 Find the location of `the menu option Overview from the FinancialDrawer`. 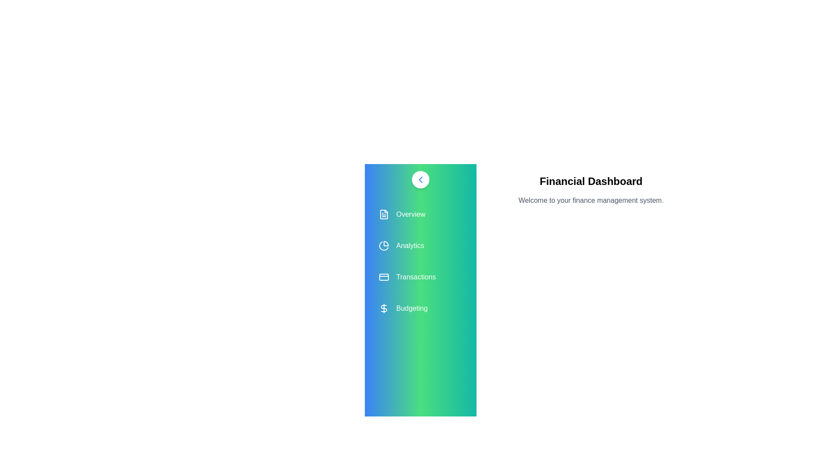

the menu option Overview from the FinancialDrawer is located at coordinates (420, 215).